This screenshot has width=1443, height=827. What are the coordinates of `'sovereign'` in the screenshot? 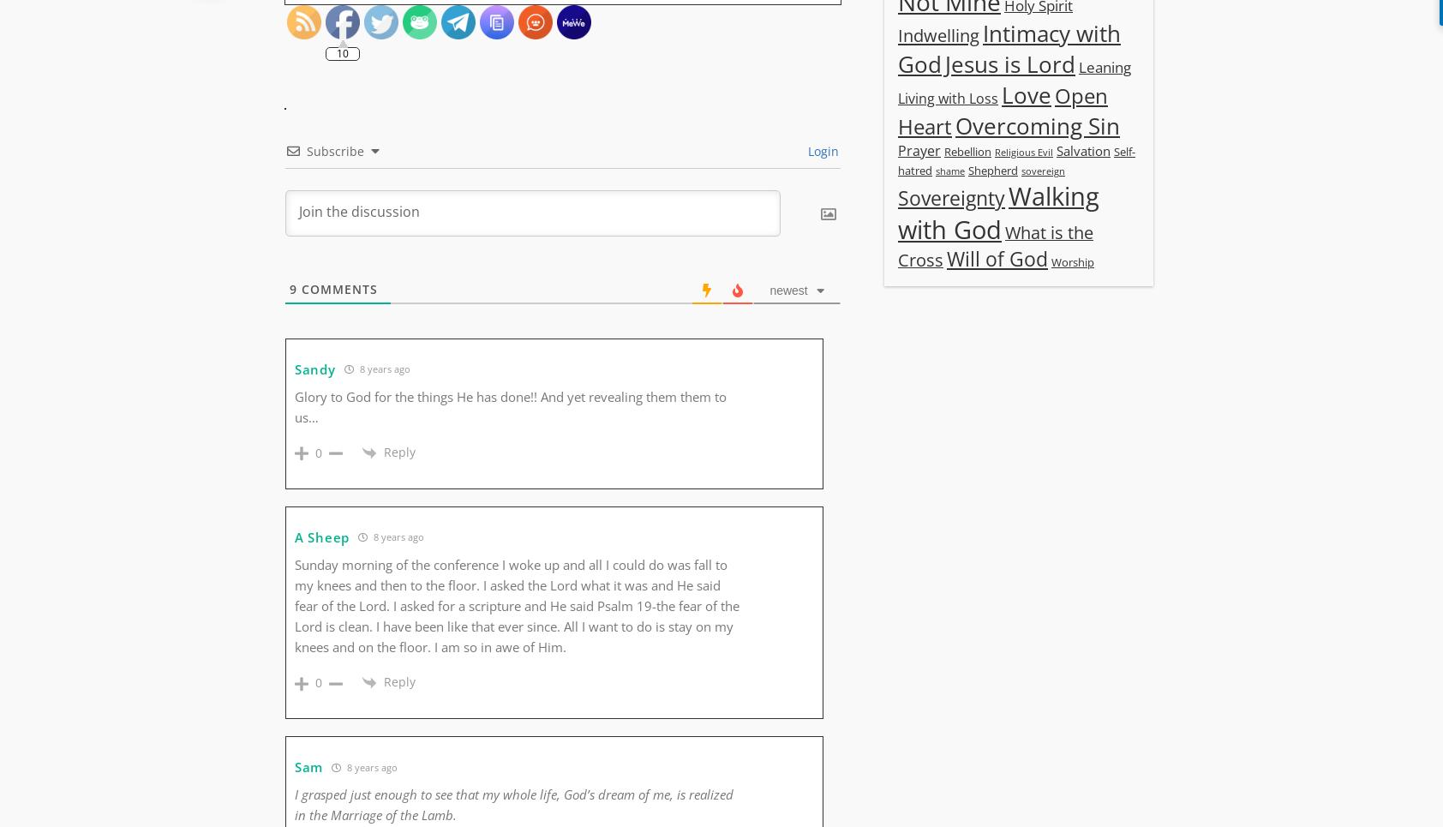 It's located at (1021, 170).